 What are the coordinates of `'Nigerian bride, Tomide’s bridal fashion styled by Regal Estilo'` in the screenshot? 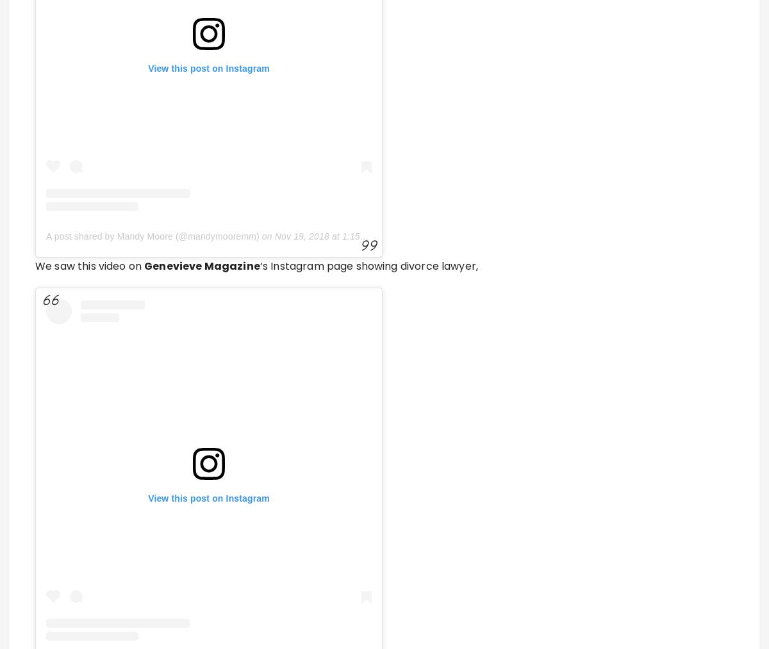 It's located at (408, 620).